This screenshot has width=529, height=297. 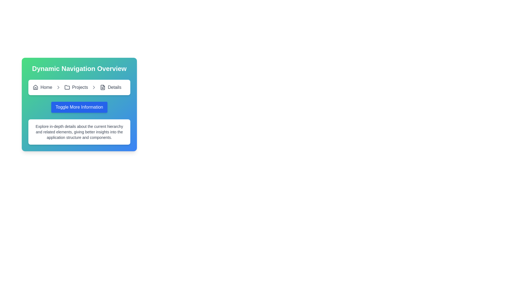 I want to click on the small document or file icon located to the left of the 'Details' text in the breadcrumb navigation bar, which is the third element in that navigation, so click(x=103, y=87).